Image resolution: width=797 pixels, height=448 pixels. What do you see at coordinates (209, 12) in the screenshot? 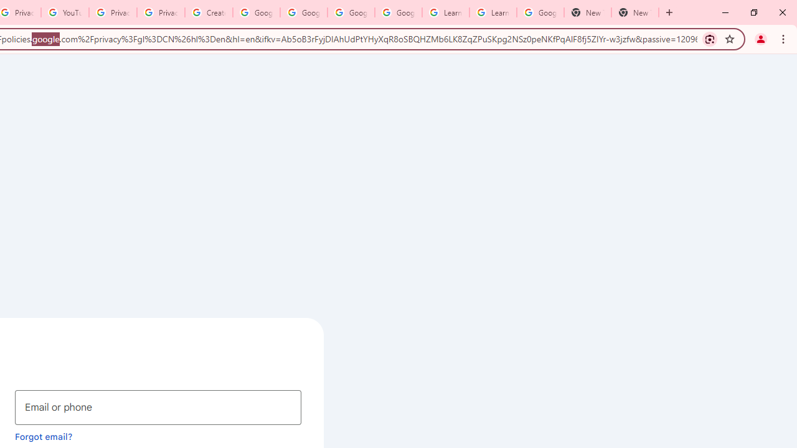
I see `'Create your Google Account'` at bounding box center [209, 12].